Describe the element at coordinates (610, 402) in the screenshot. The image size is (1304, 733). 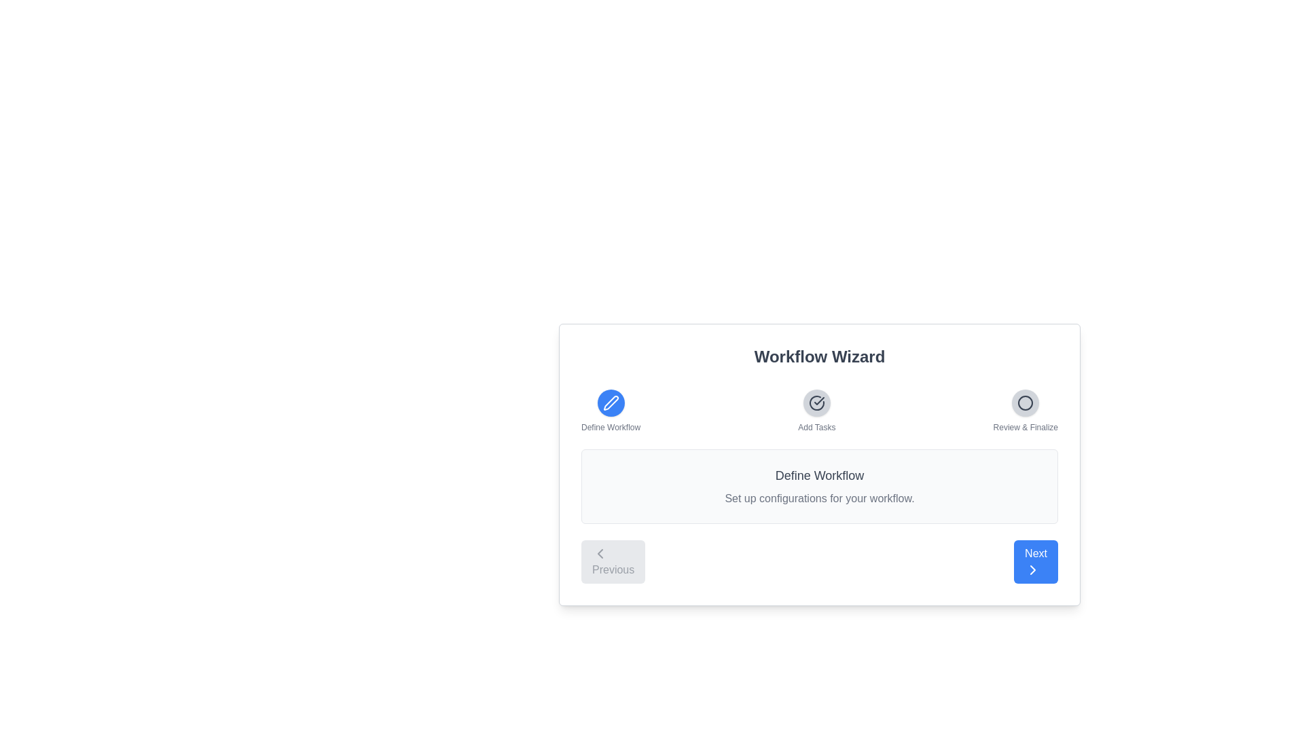
I see `the 'Define Workflow' icon located in the leftmost circle of the three icons at the top of the 'Workflow Wizard' interface` at that location.